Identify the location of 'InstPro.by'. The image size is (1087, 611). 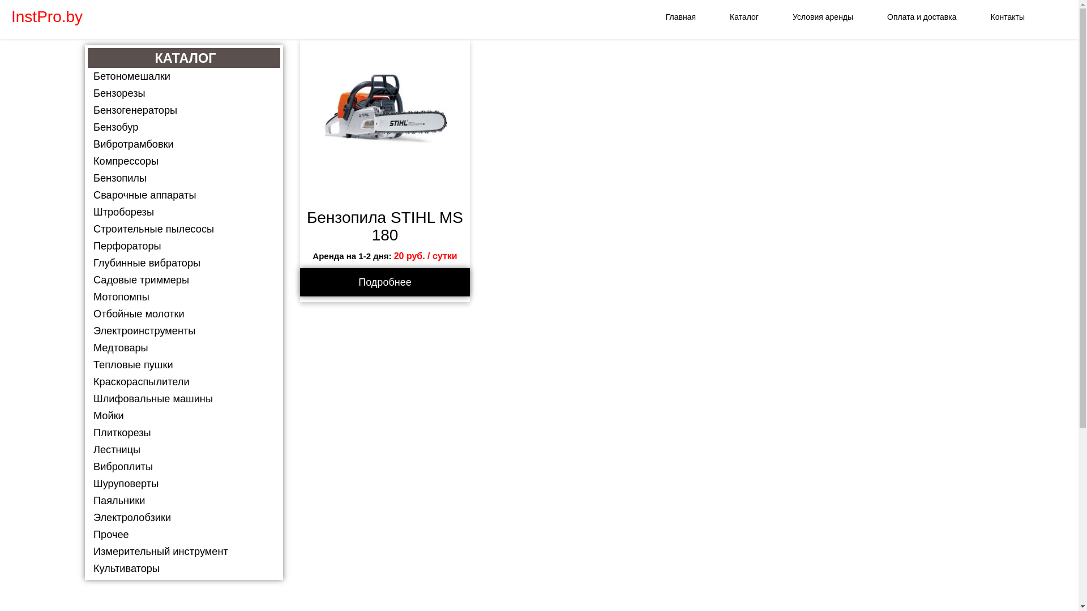
(46, 17).